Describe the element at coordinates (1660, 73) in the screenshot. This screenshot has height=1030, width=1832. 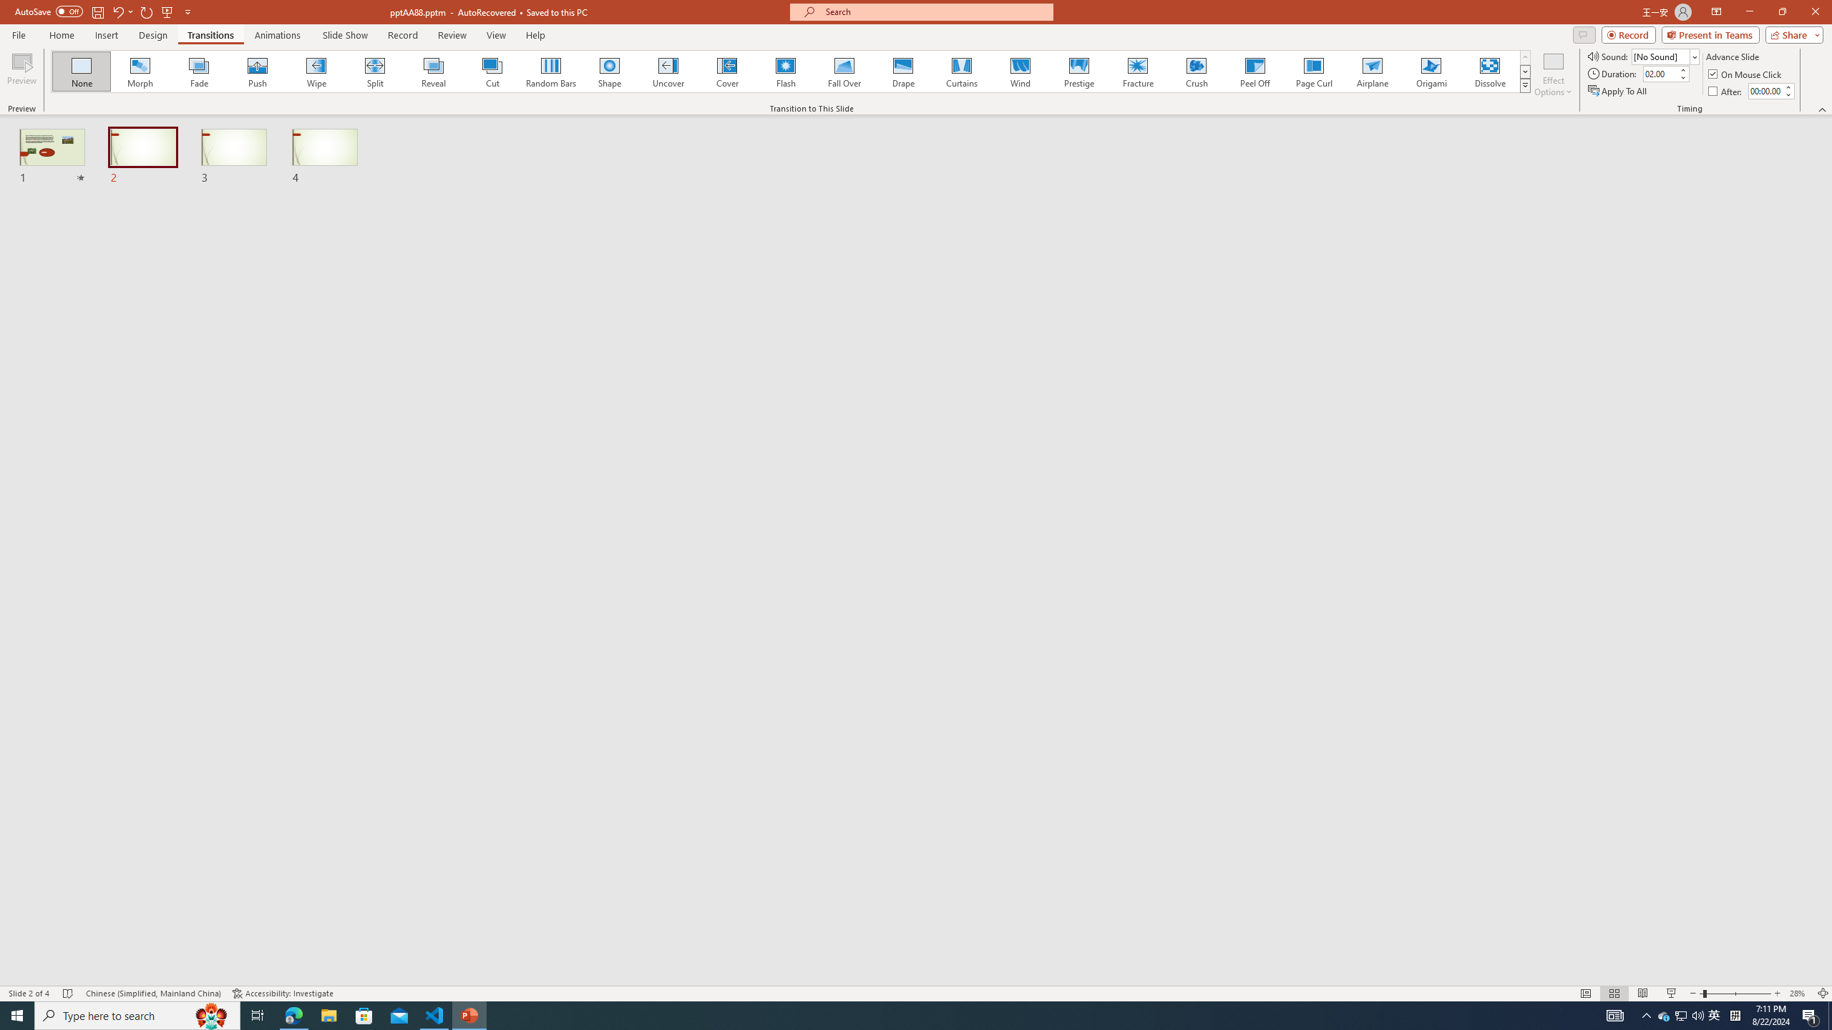
I see `'Duration'` at that location.